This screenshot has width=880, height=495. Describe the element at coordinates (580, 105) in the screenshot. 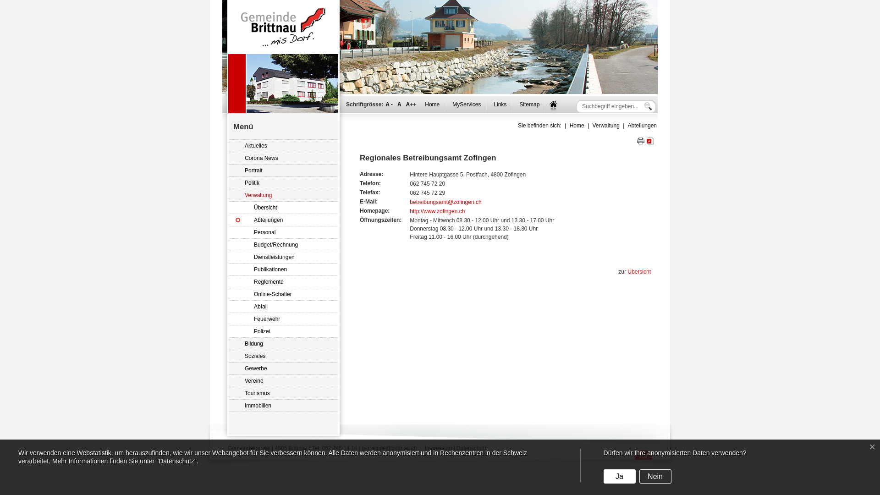

I see `'Suchbegriff eingeben...'` at that location.